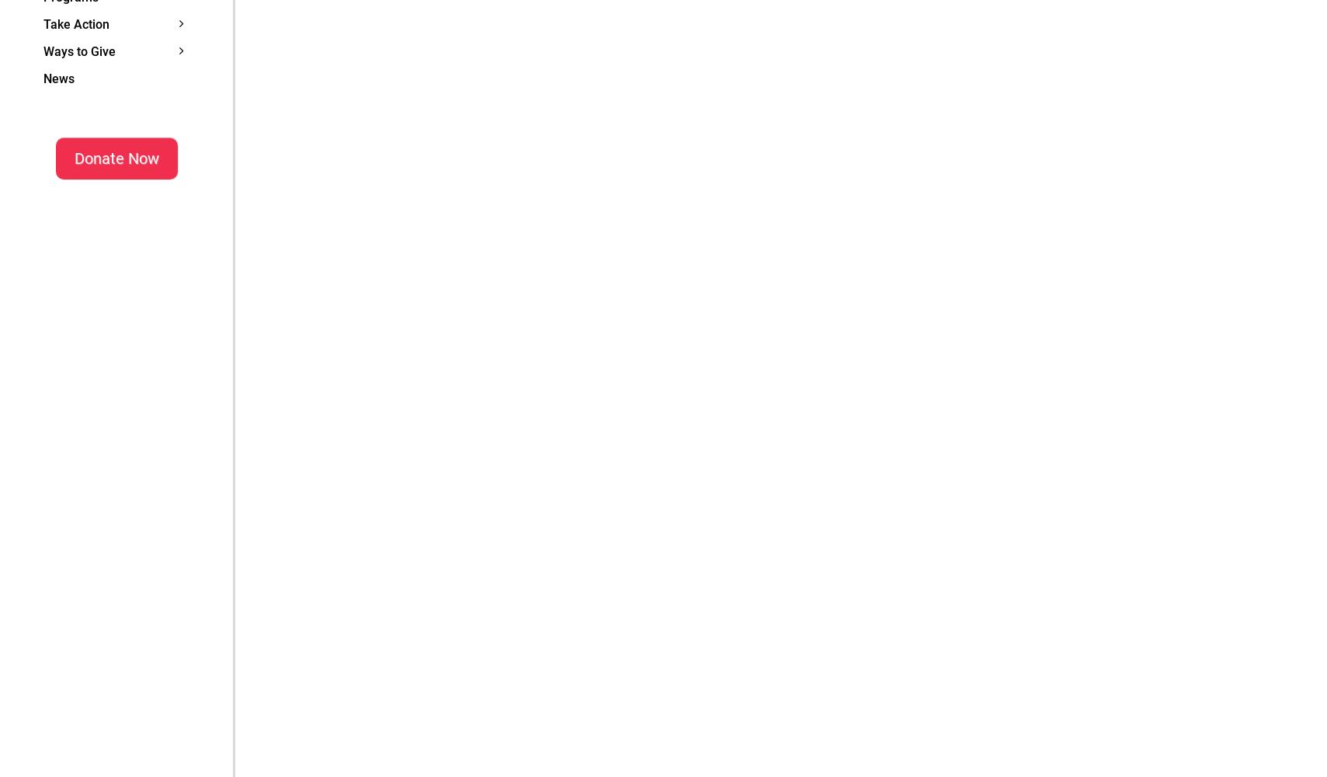  What do you see at coordinates (299, 17) in the screenshot?
I see `'Planned Giving'` at bounding box center [299, 17].